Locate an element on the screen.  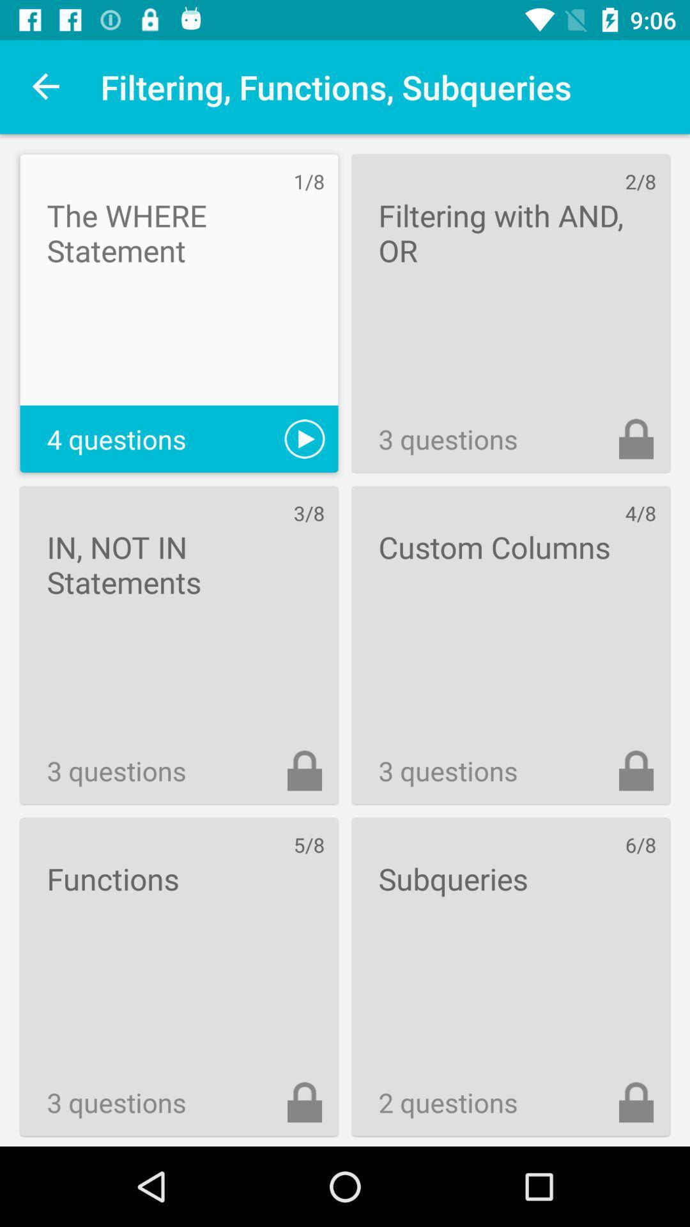
the icon above the where statement is located at coordinates (46, 86).